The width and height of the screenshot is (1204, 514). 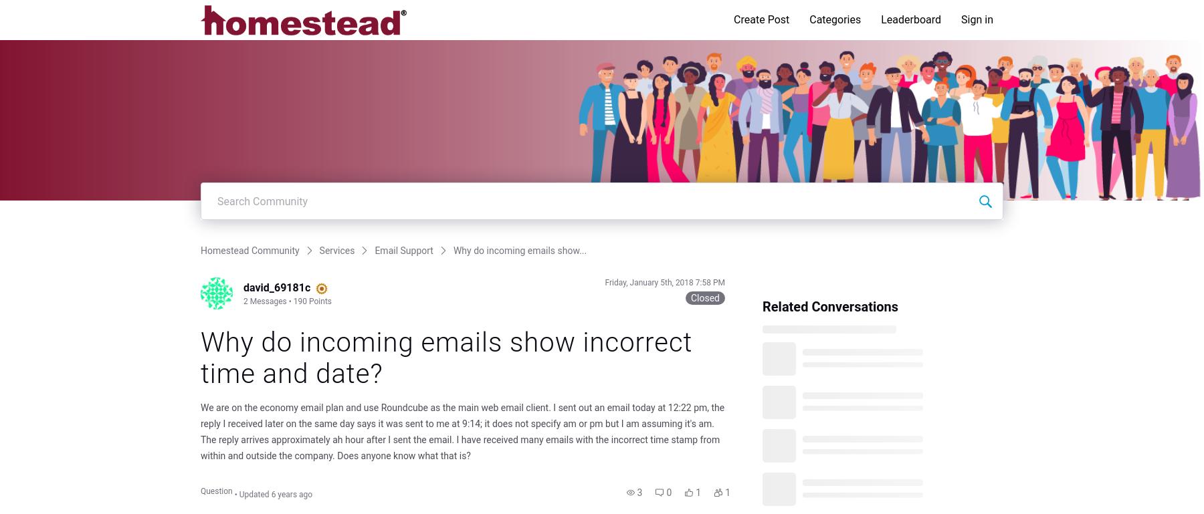 What do you see at coordinates (638, 491) in the screenshot?
I see `'3'` at bounding box center [638, 491].